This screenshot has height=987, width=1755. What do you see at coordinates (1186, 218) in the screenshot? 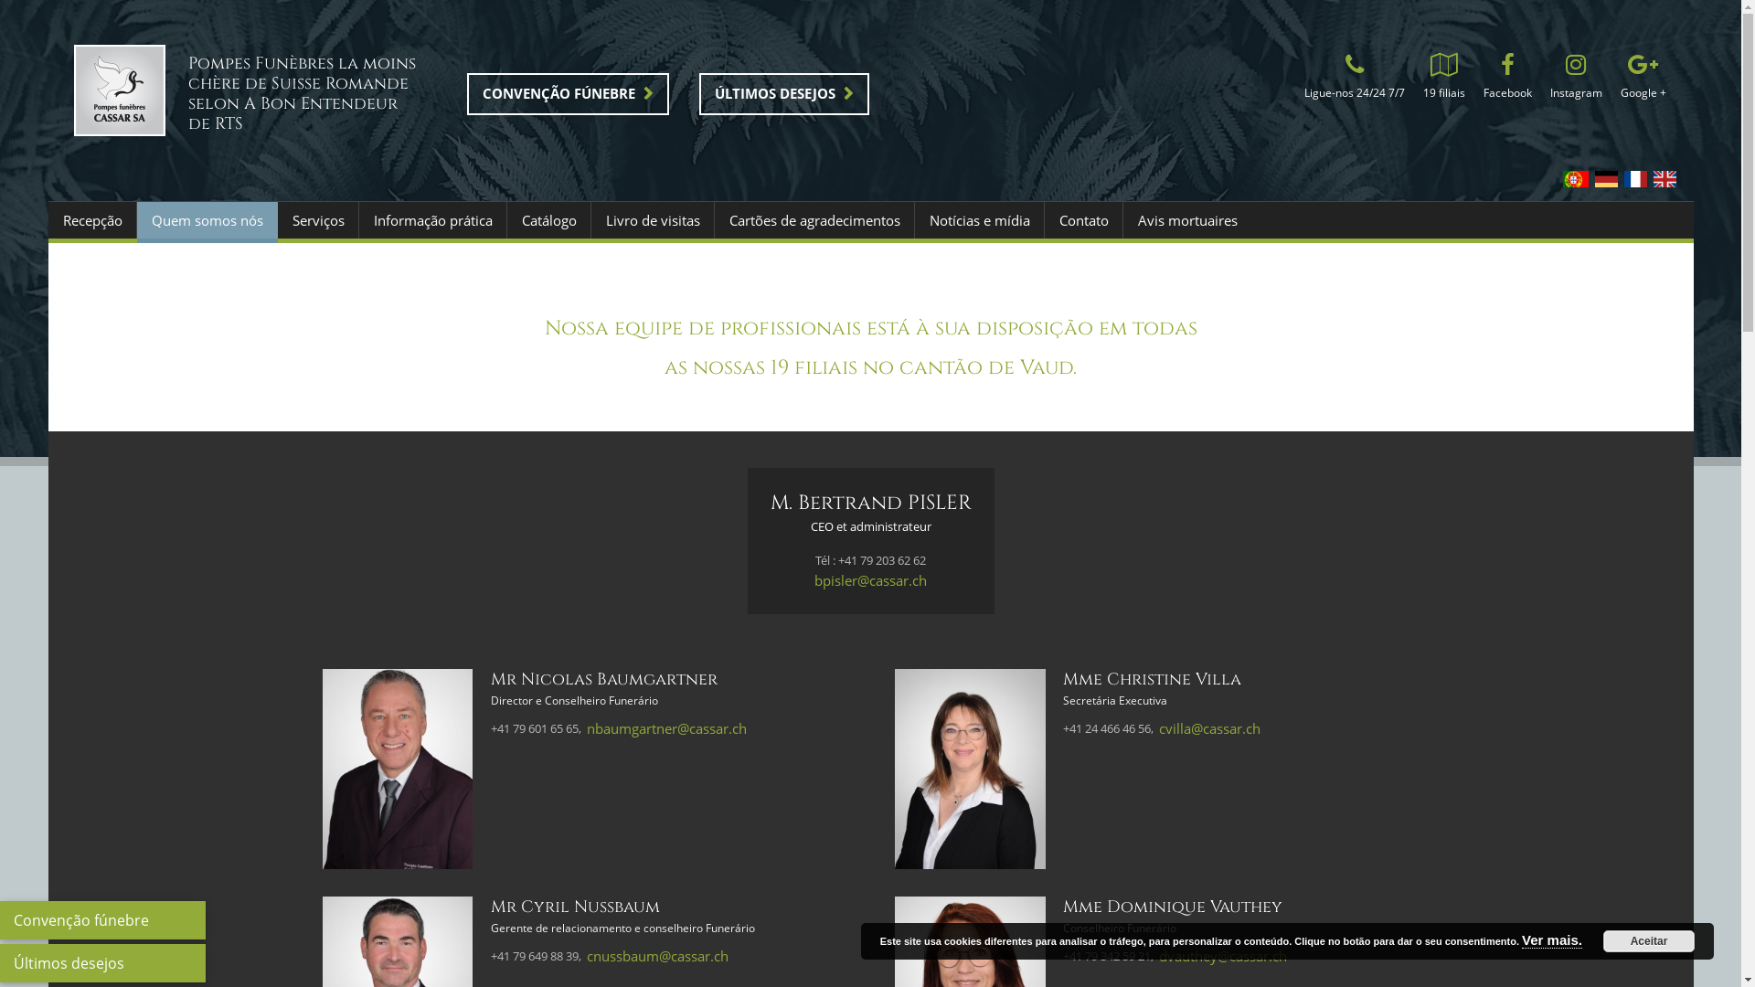
I see `'Avis mortuaires'` at bounding box center [1186, 218].